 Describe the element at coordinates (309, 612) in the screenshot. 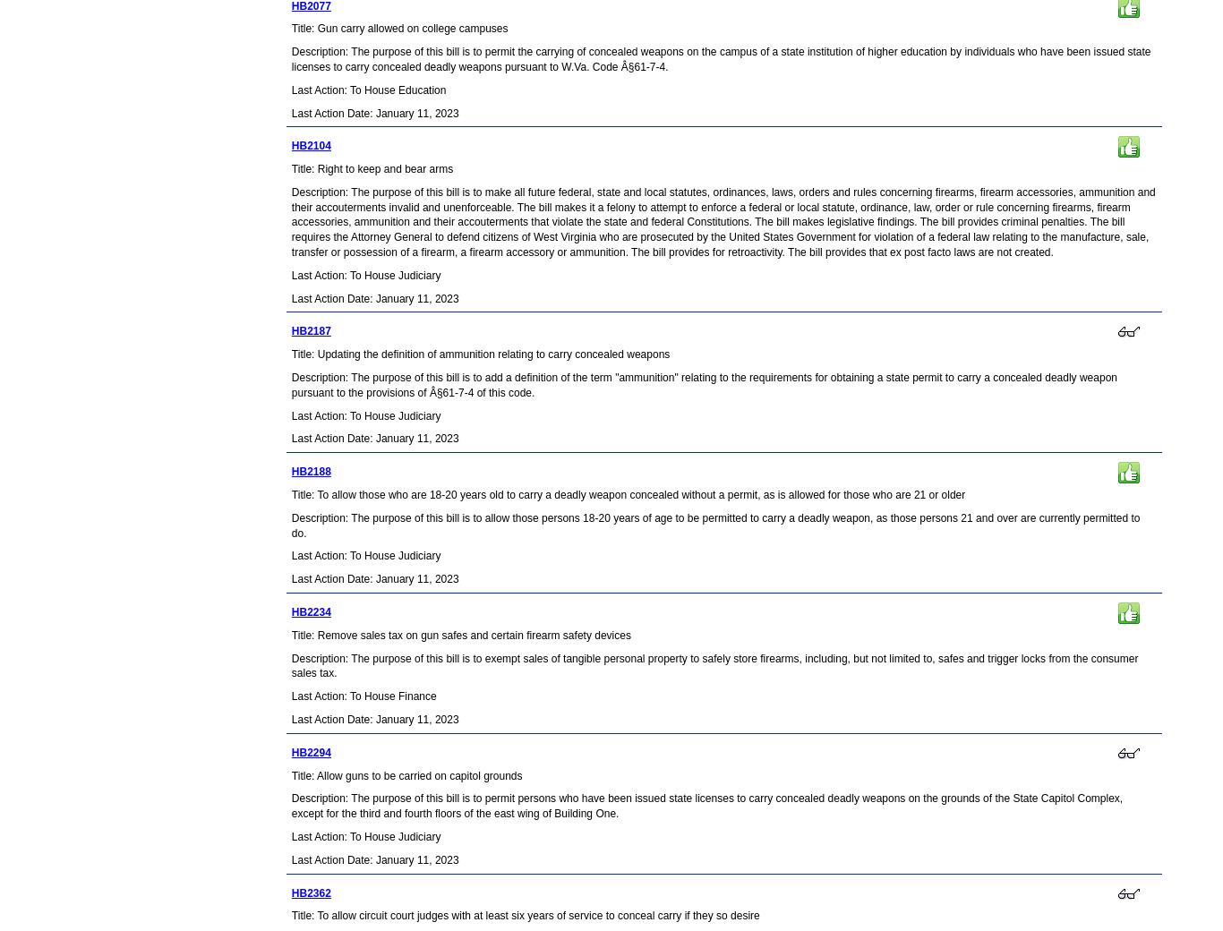

I see `'HB2234'` at that location.